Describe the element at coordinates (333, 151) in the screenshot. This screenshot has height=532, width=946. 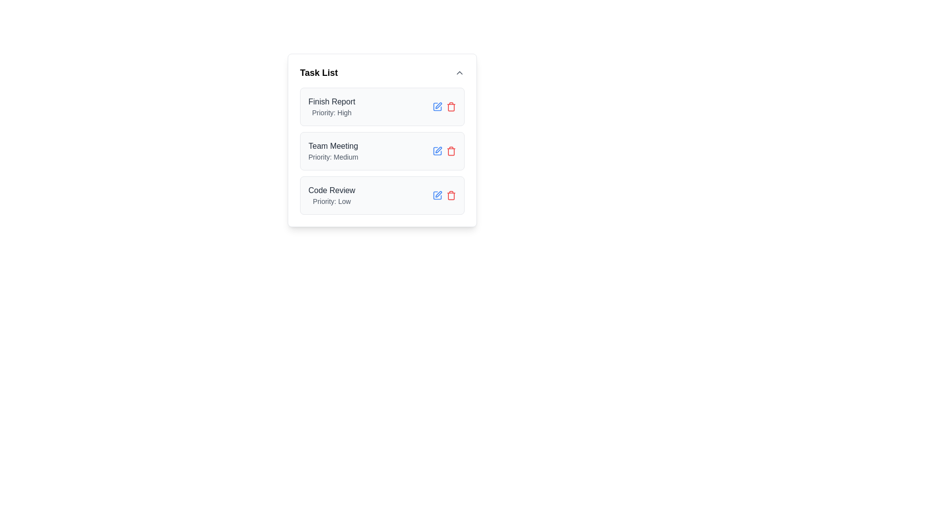
I see `the text block displaying 'Team Meeting' with 'Priority: Medium' below it, located in the second task item of the task list` at that location.